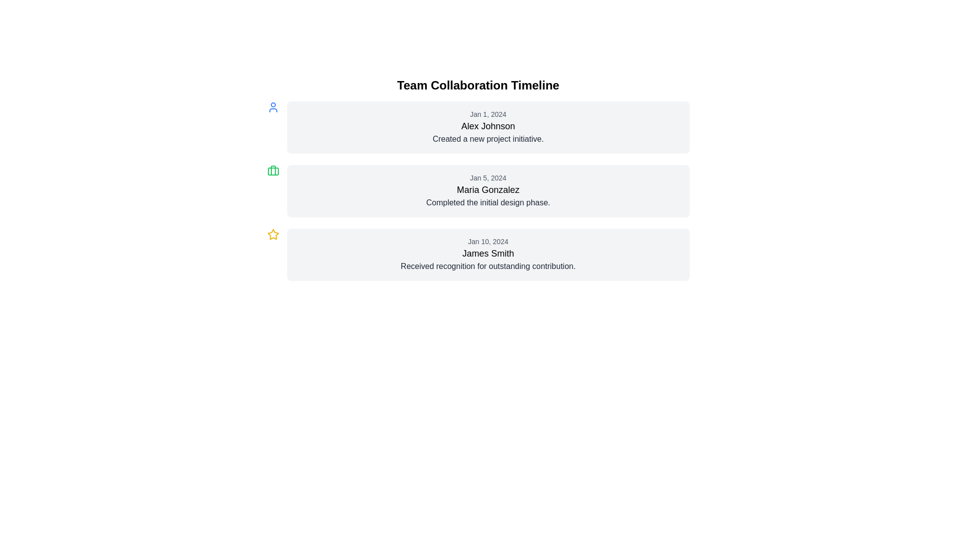 Image resolution: width=956 pixels, height=537 pixels. What do you see at coordinates (478, 126) in the screenshot?
I see `the first notification card in the 'Team Collaboration Timeline' that indicates 'Created a new project initiative' by 'Alex Johnson' on 'Jan 1, 2024'` at bounding box center [478, 126].